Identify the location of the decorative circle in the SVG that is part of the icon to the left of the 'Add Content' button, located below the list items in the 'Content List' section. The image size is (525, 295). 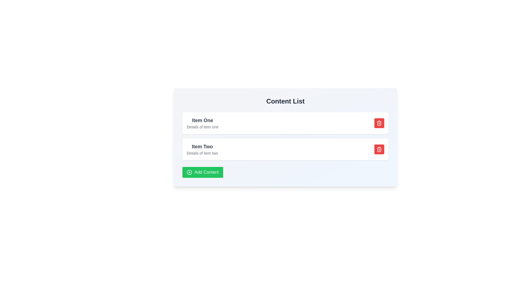
(189, 172).